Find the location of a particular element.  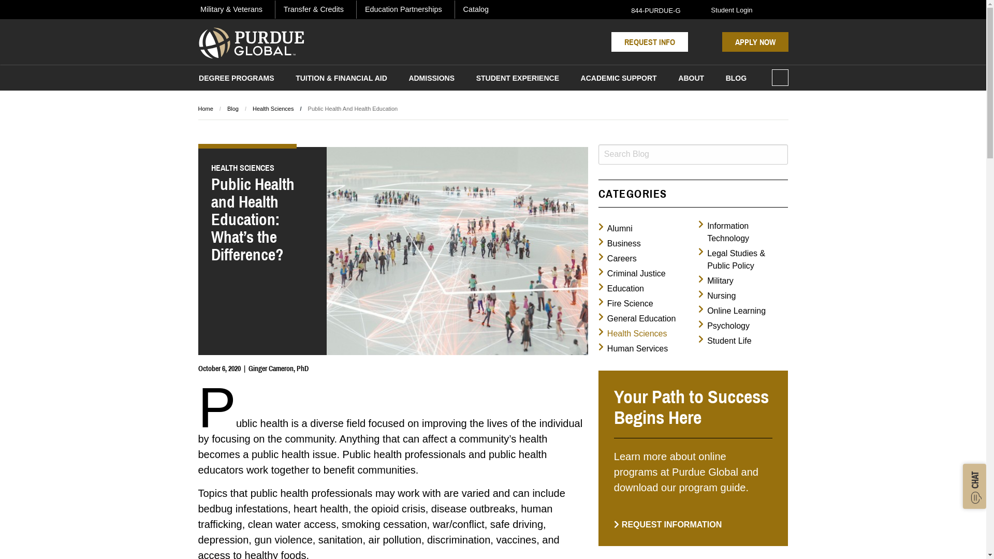

'Human Services' is located at coordinates (633, 349).